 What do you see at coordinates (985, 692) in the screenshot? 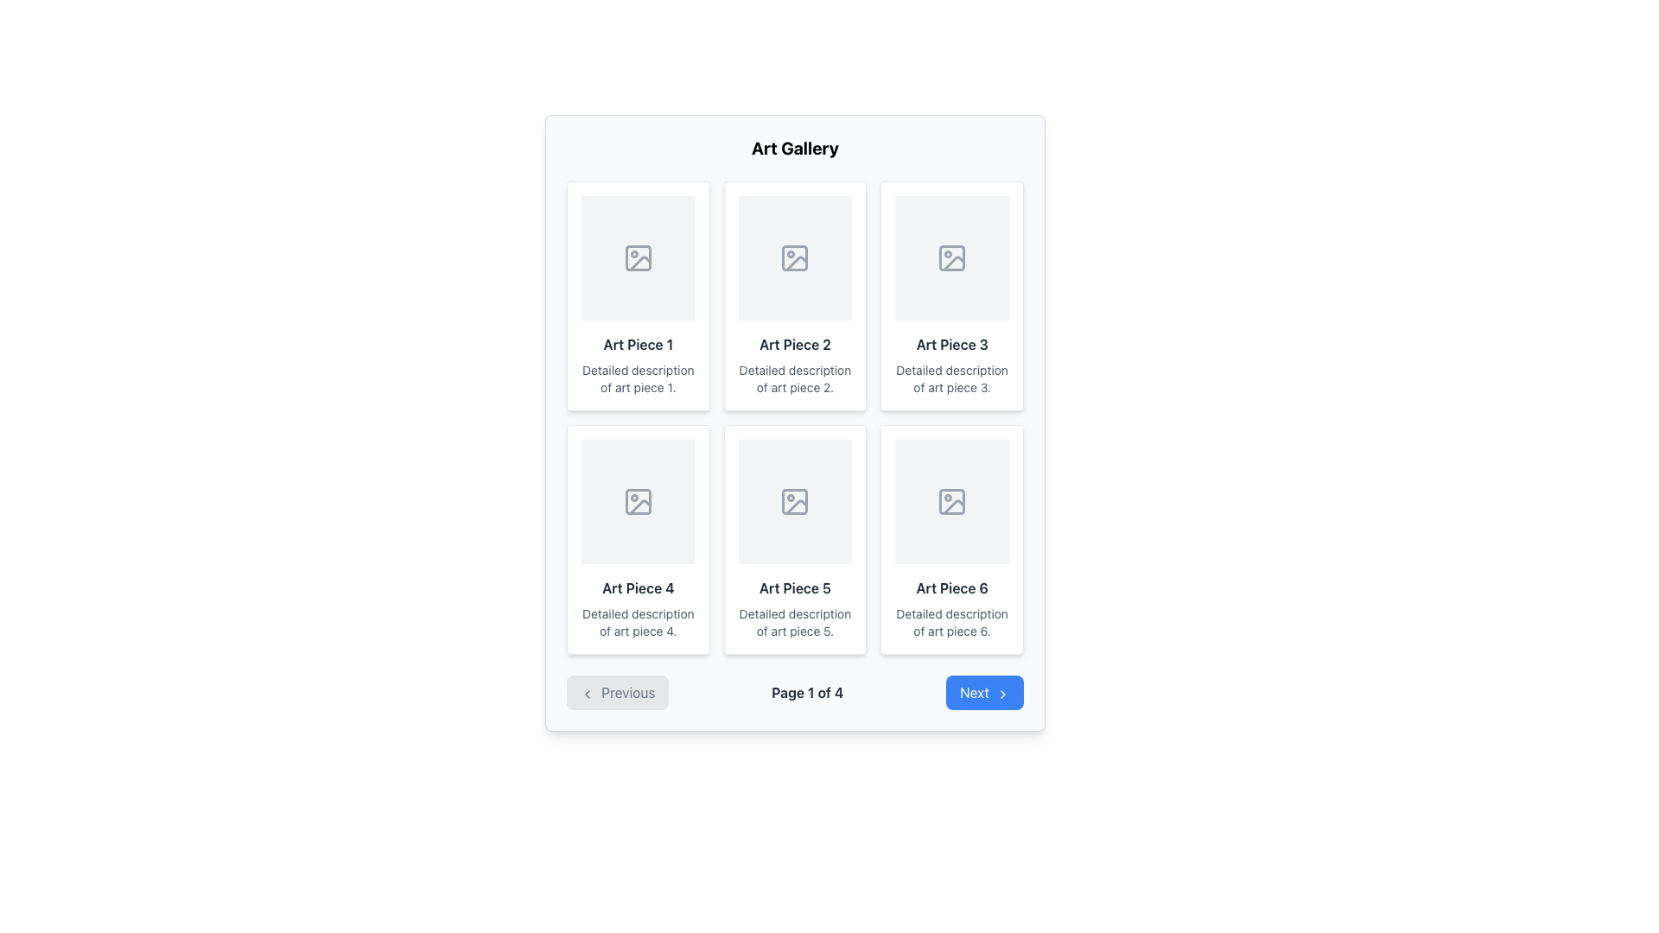
I see `the blue 'Next' button with white text and a right-facing chevron icon` at bounding box center [985, 692].